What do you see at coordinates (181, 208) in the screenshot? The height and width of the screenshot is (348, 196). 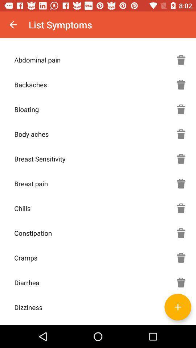 I see `delete` at bounding box center [181, 208].